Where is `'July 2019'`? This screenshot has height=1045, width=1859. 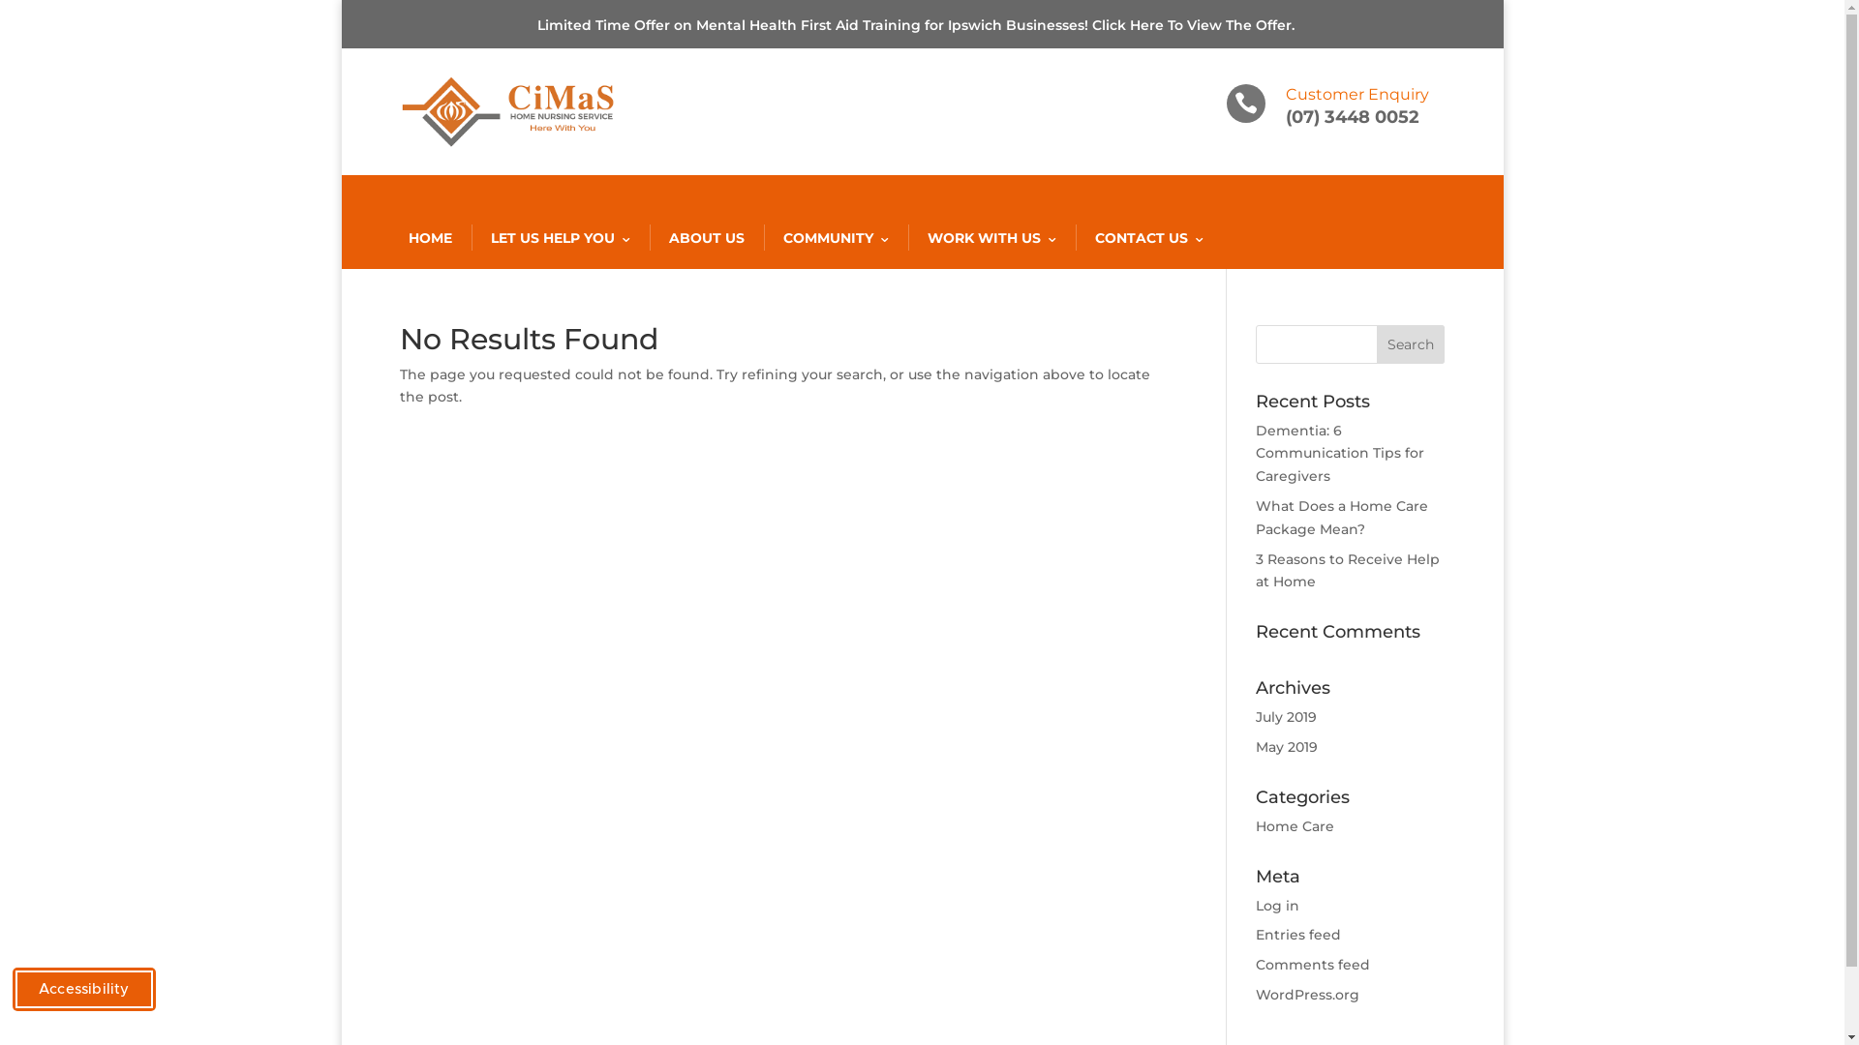 'July 2019' is located at coordinates (1255, 716).